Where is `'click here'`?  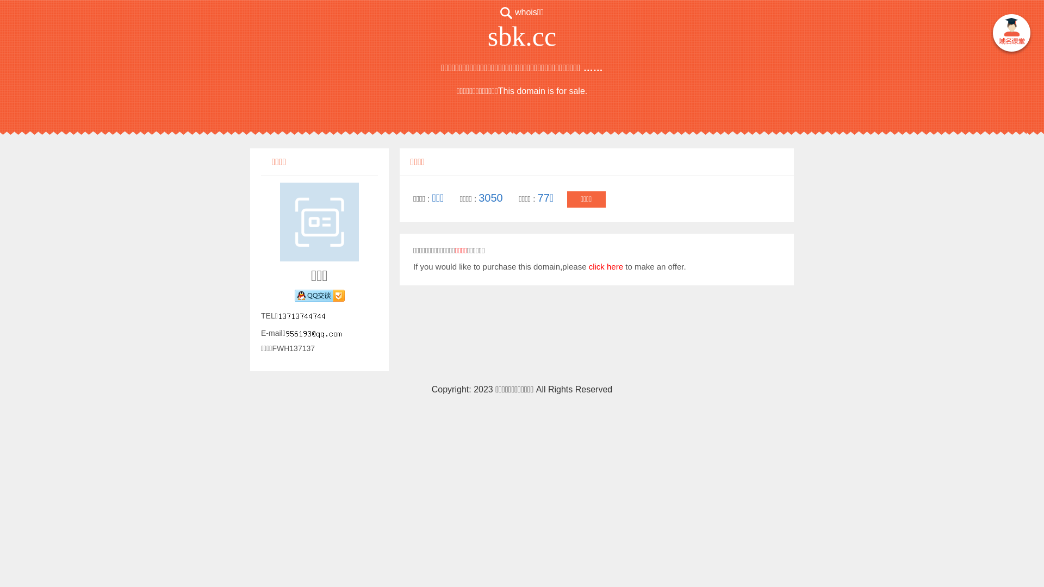
'click here' is located at coordinates (605, 266).